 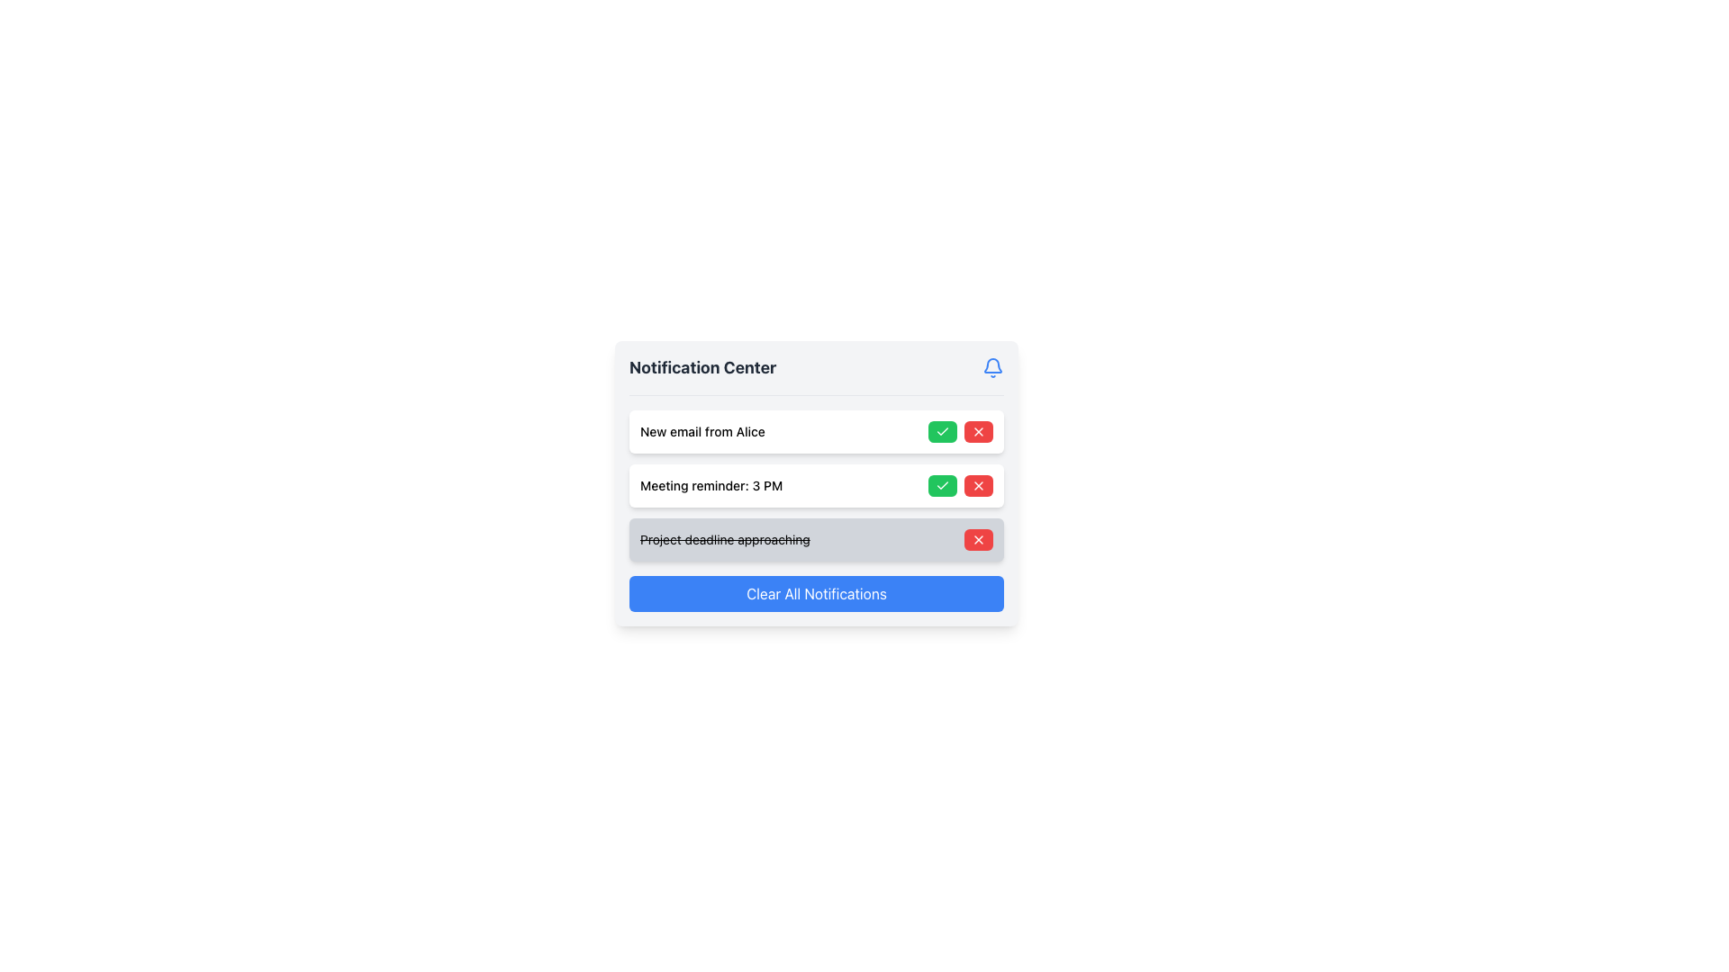 I want to click on the first green checkmark button to confirm the associated notification for 'New email from Alice', so click(x=941, y=431).